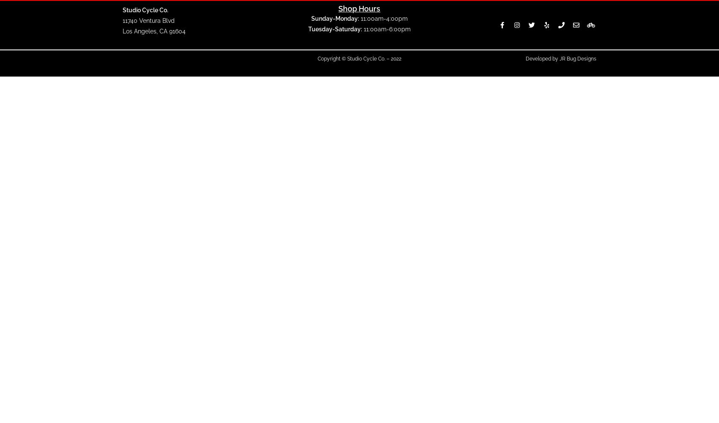 The image size is (719, 423). I want to click on 'Studio Cycle Co.', so click(145, 10).